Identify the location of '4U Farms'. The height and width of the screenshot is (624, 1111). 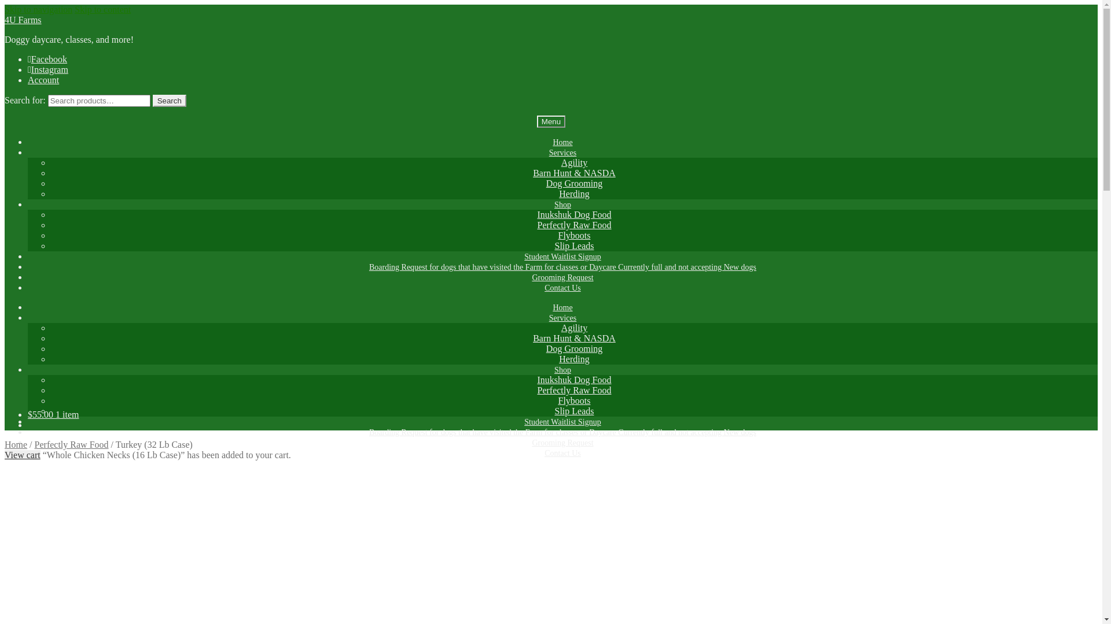
(23, 20).